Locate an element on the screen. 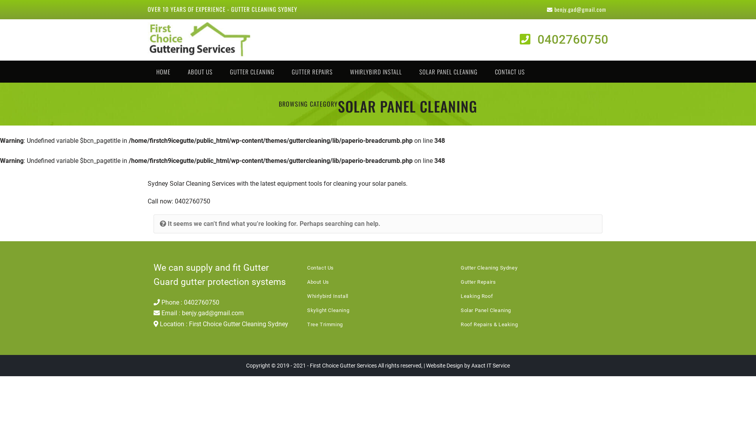 The width and height of the screenshot is (756, 425). 'Website Design' is located at coordinates (444, 366).